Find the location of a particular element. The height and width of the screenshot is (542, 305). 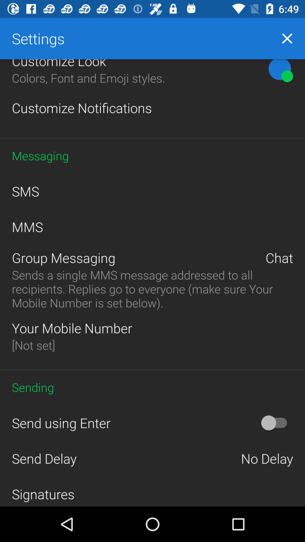

icon to the right of settings item is located at coordinates (287, 38).